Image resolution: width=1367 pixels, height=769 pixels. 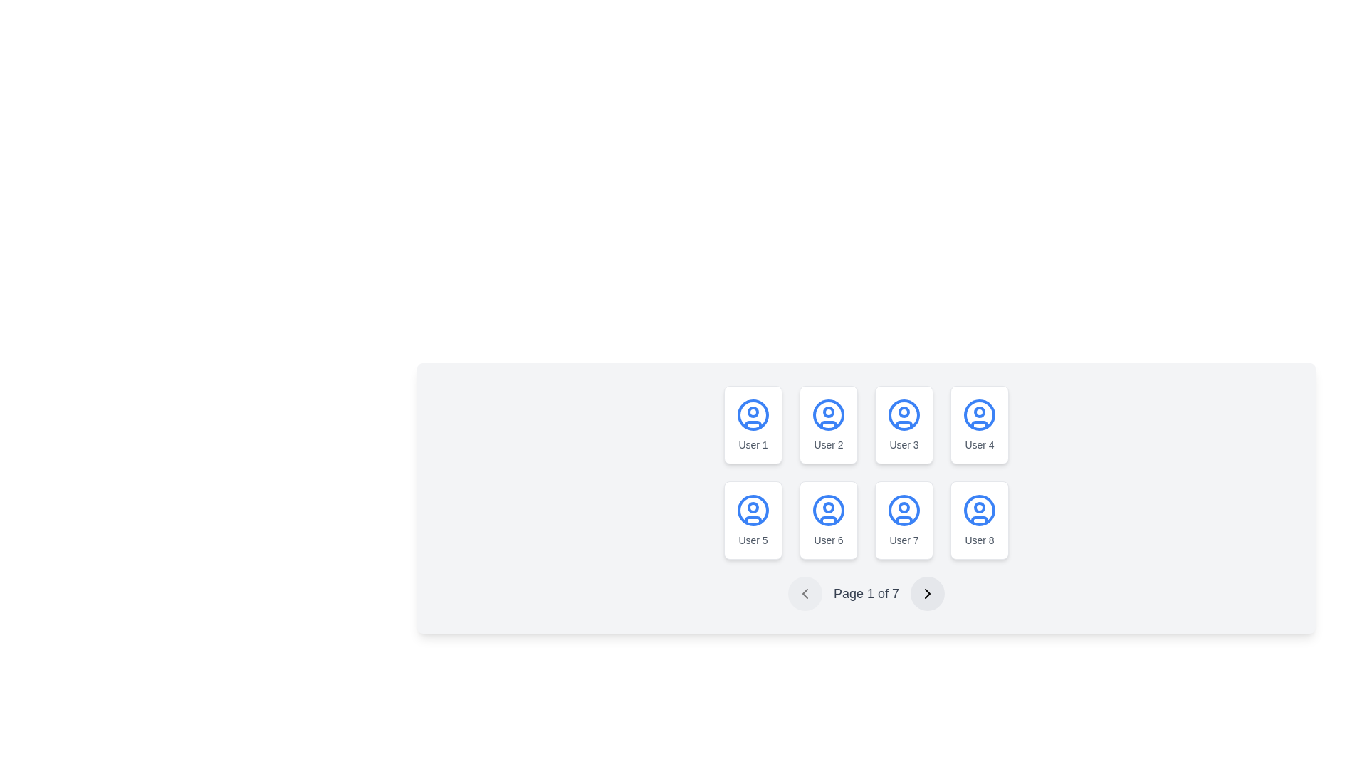 What do you see at coordinates (805, 593) in the screenshot?
I see `the circular button with a light gray background and a left-pointing chevron icon, located to the left of the 'Page 1 of 7' text label` at bounding box center [805, 593].